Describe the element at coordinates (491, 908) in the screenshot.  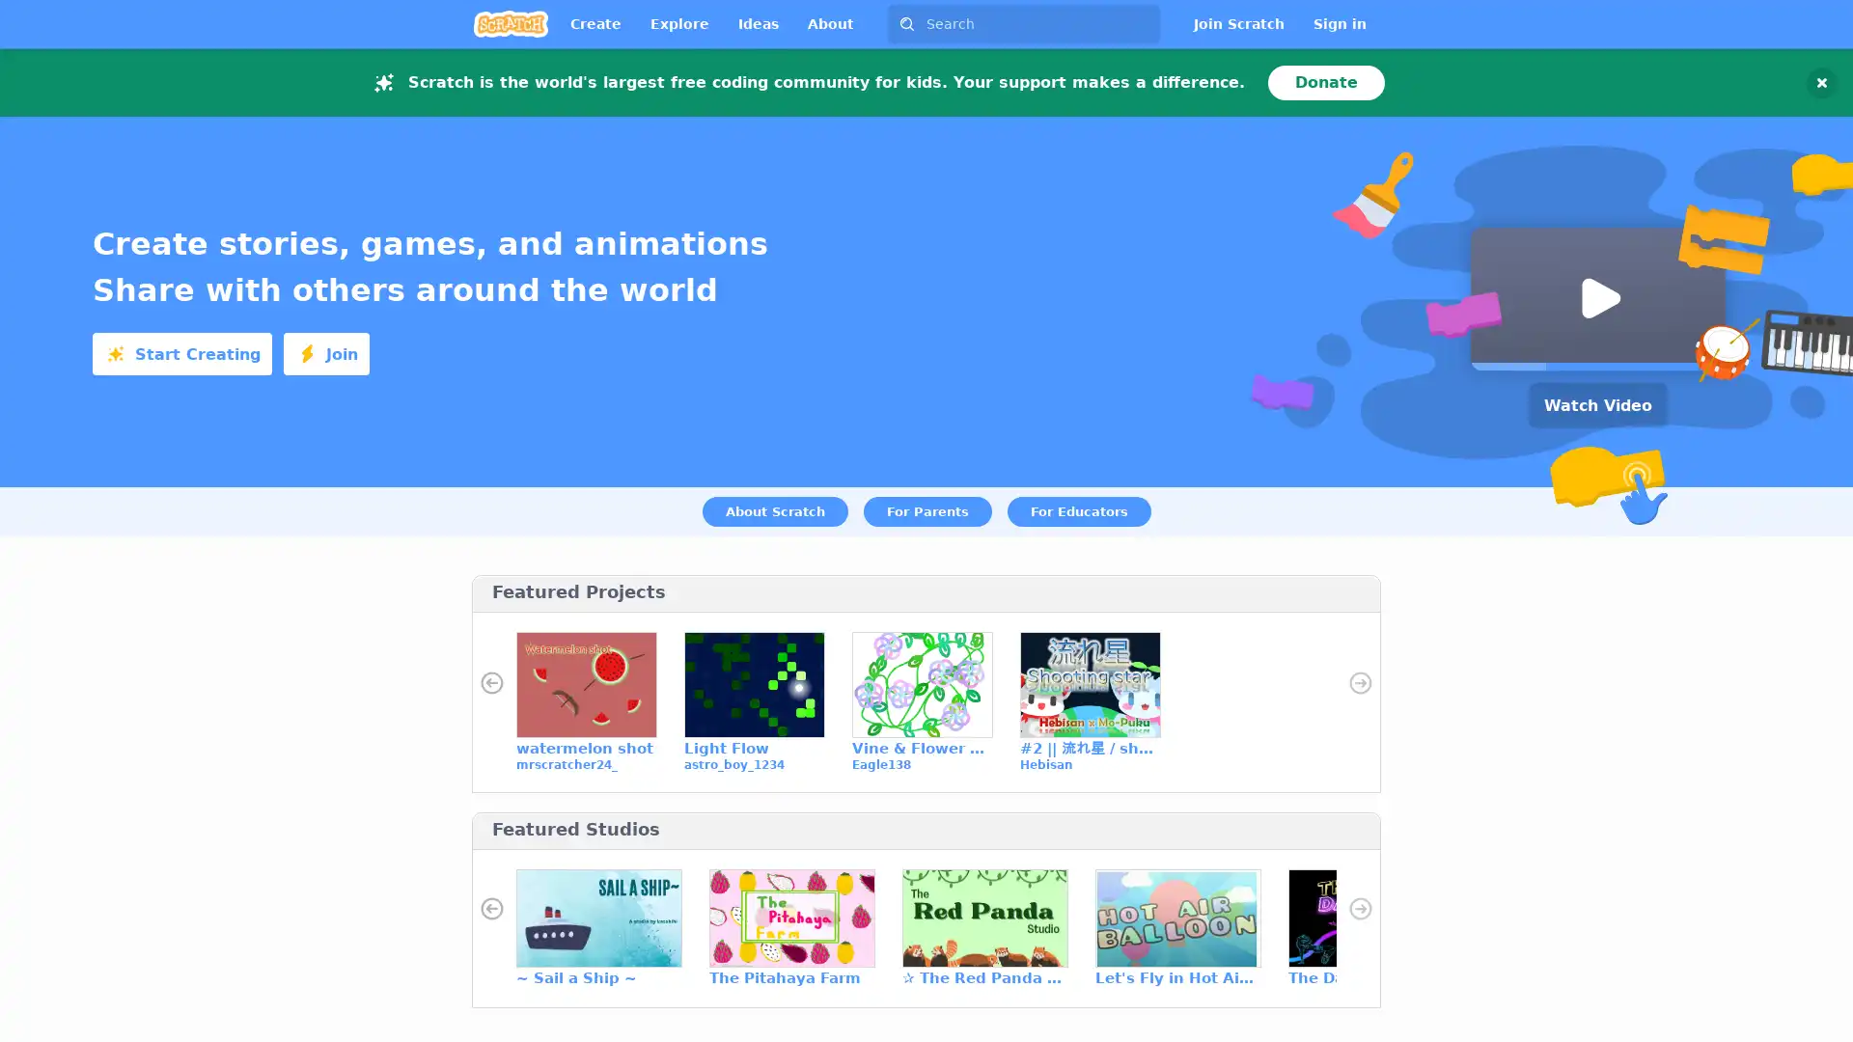
I see `Previous` at that location.